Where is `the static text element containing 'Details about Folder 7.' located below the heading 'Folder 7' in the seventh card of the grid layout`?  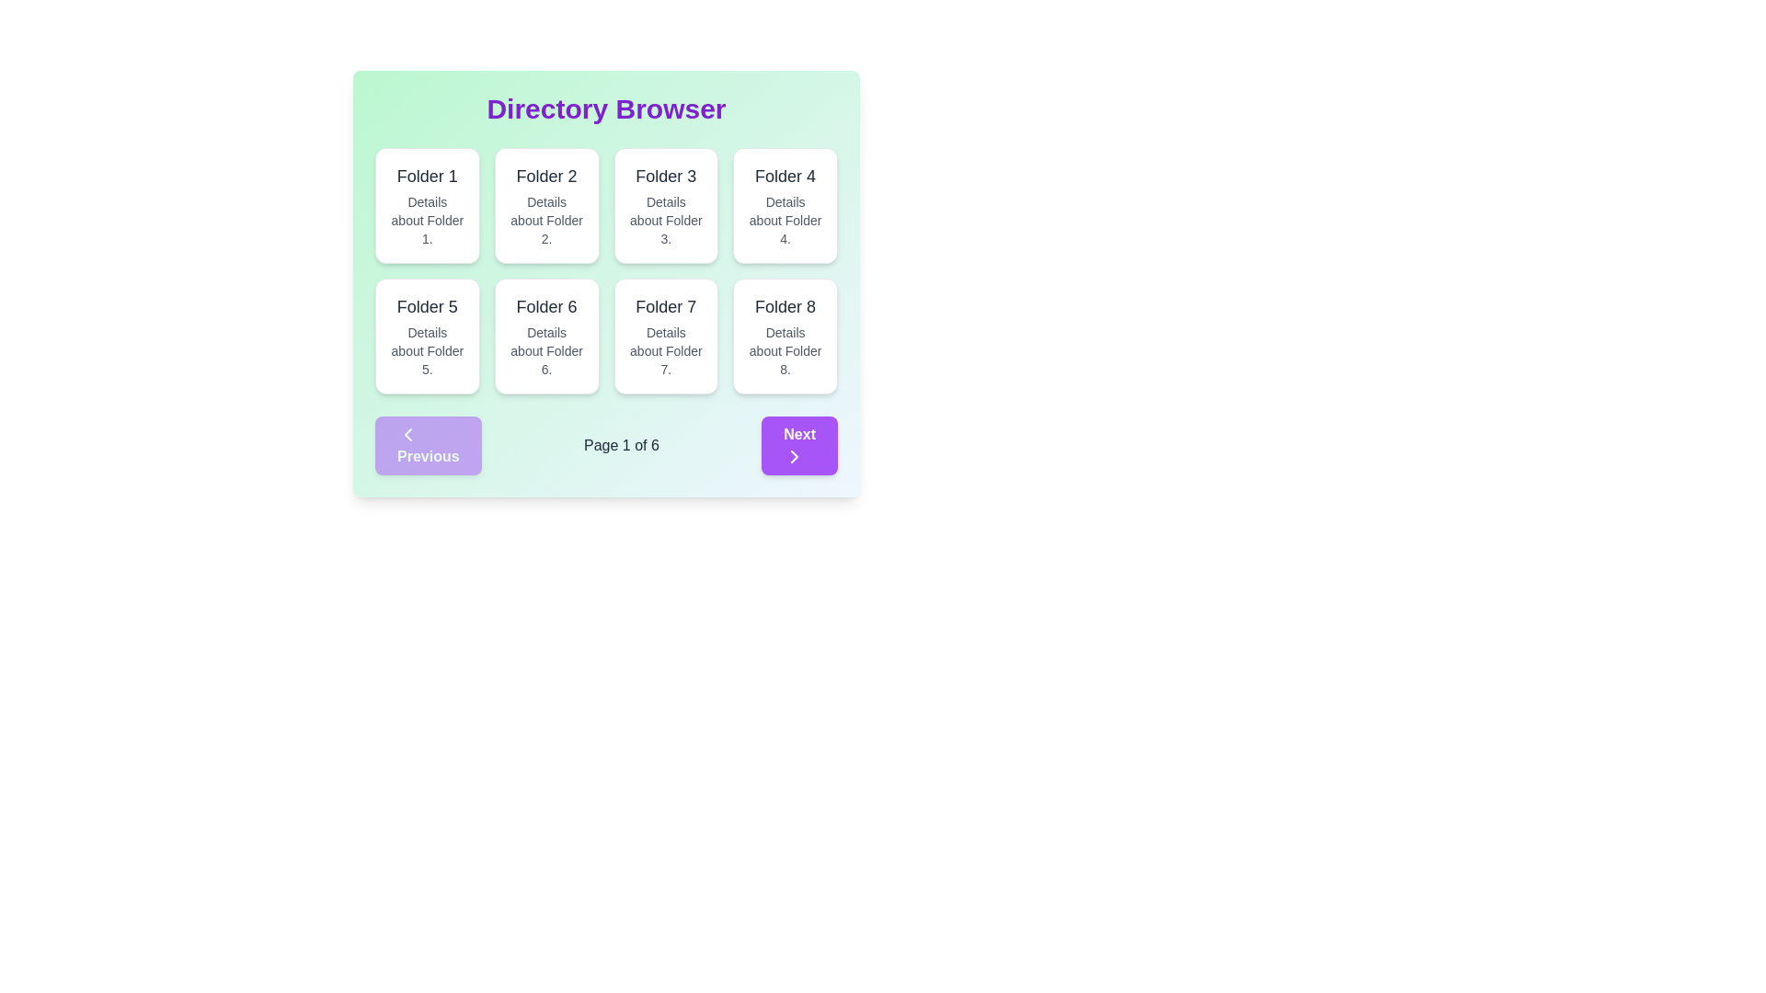
the static text element containing 'Details about Folder 7.' located below the heading 'Folder 7' in the seventh card of the grid layout is located at coordinates (665, 350).